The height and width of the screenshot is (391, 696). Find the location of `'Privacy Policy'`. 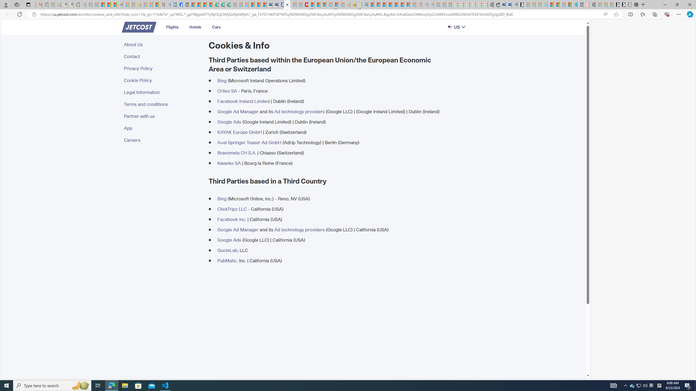

'Privacy Policy' is located at coordinates (163, 68).